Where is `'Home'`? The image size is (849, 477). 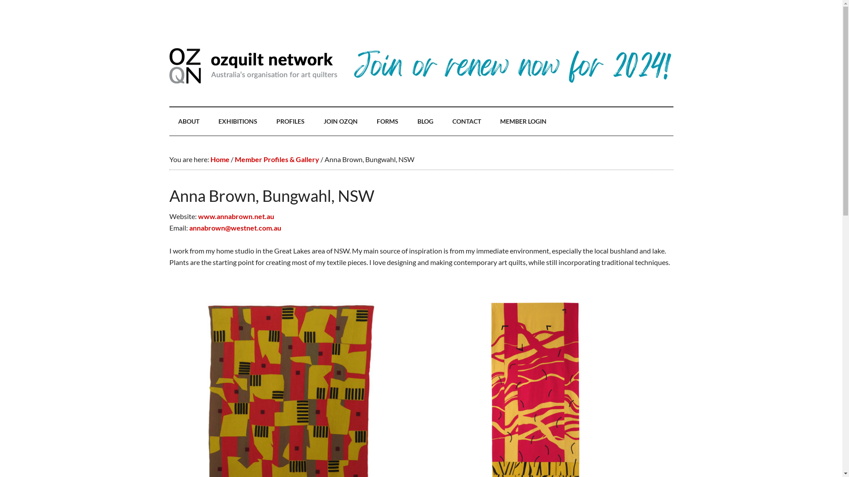 'Home' is located at coordinates (220, 159).